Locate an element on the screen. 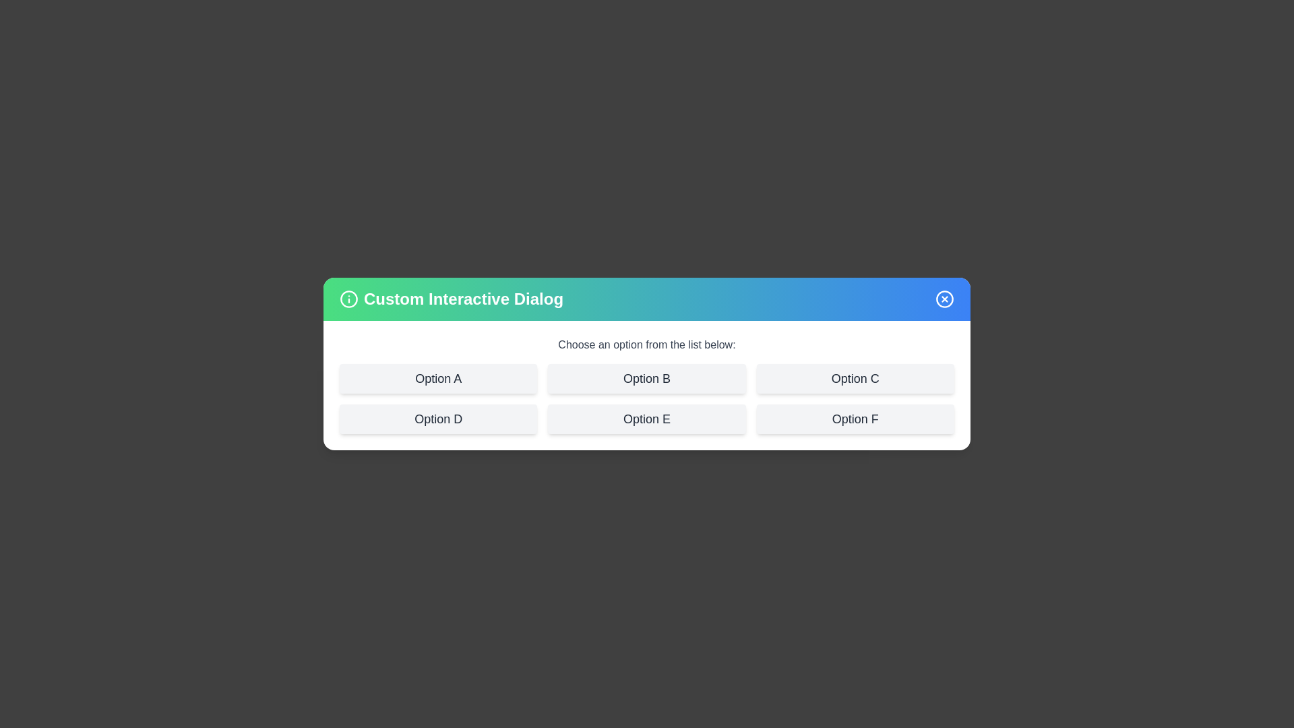 The image size is (1294, 728). the option Option B from the list is located at coordinates (647, 379).